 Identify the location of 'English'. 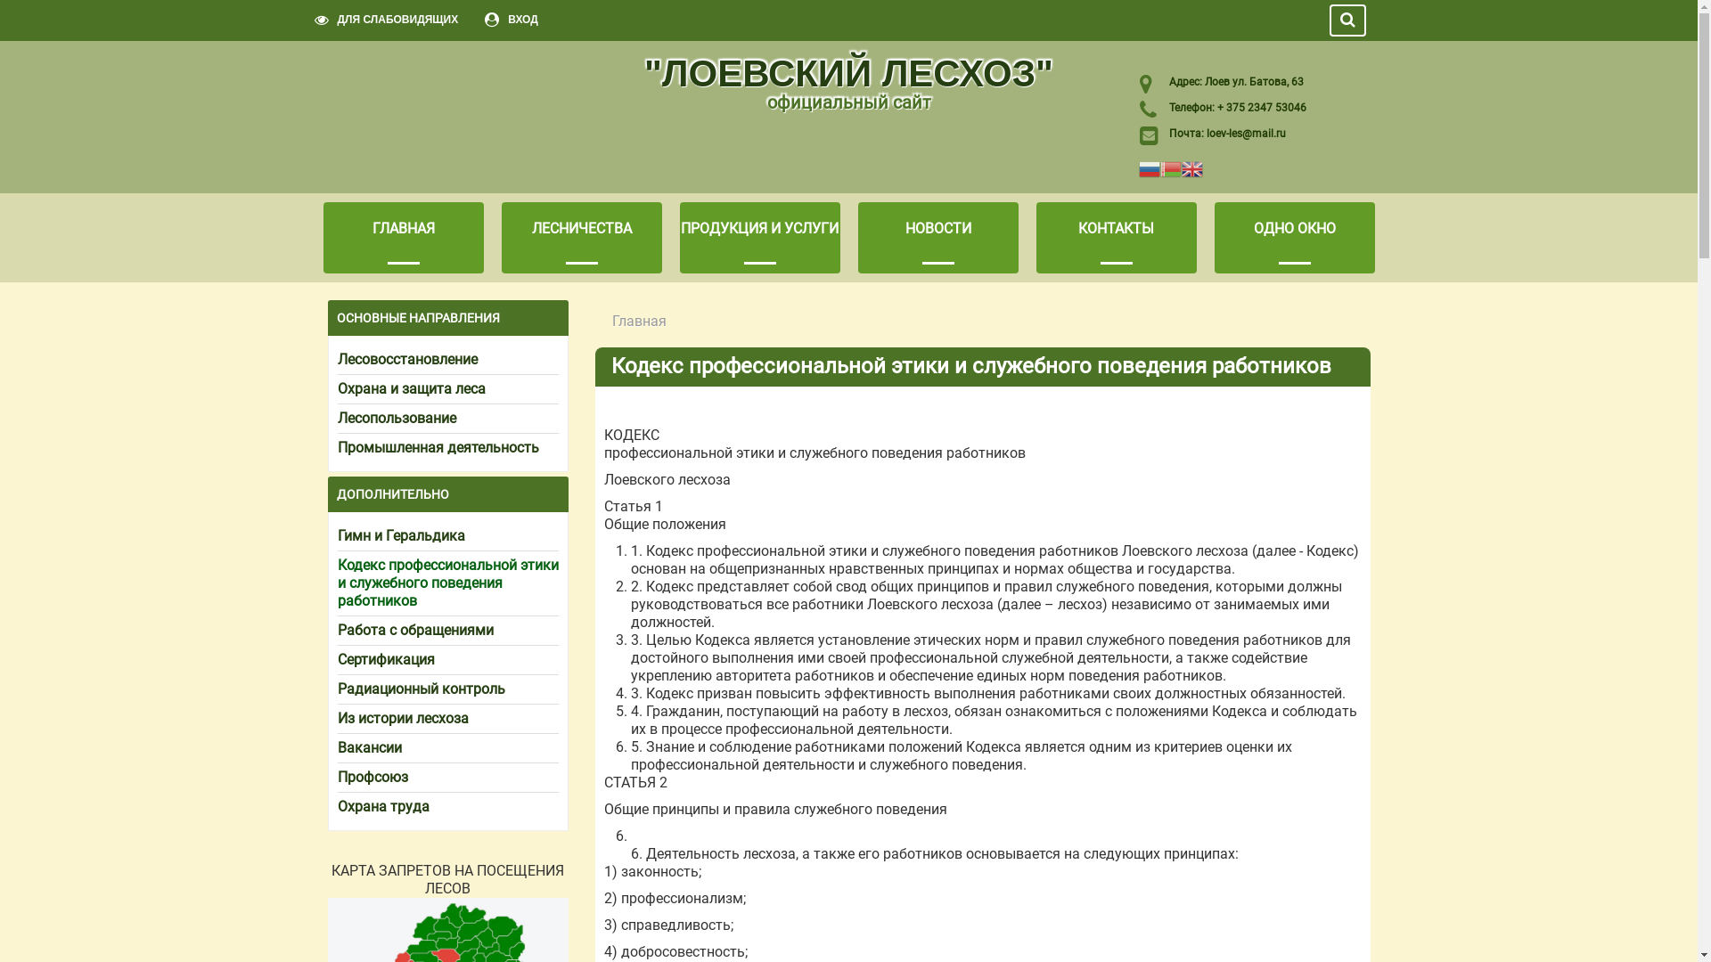
(1181, 167).